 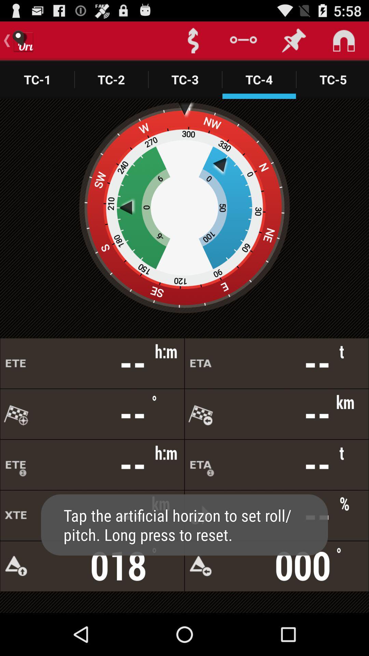 What do you see at coordinates (344, 40) in the screenshot?
I see `magnet icon` at bounding box center [344, 40].